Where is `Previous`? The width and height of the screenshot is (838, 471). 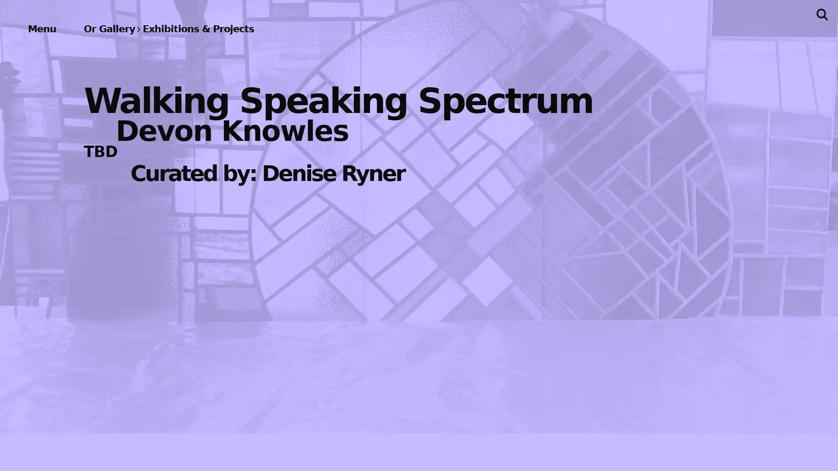
Previous is located at coordinates (251, 235).